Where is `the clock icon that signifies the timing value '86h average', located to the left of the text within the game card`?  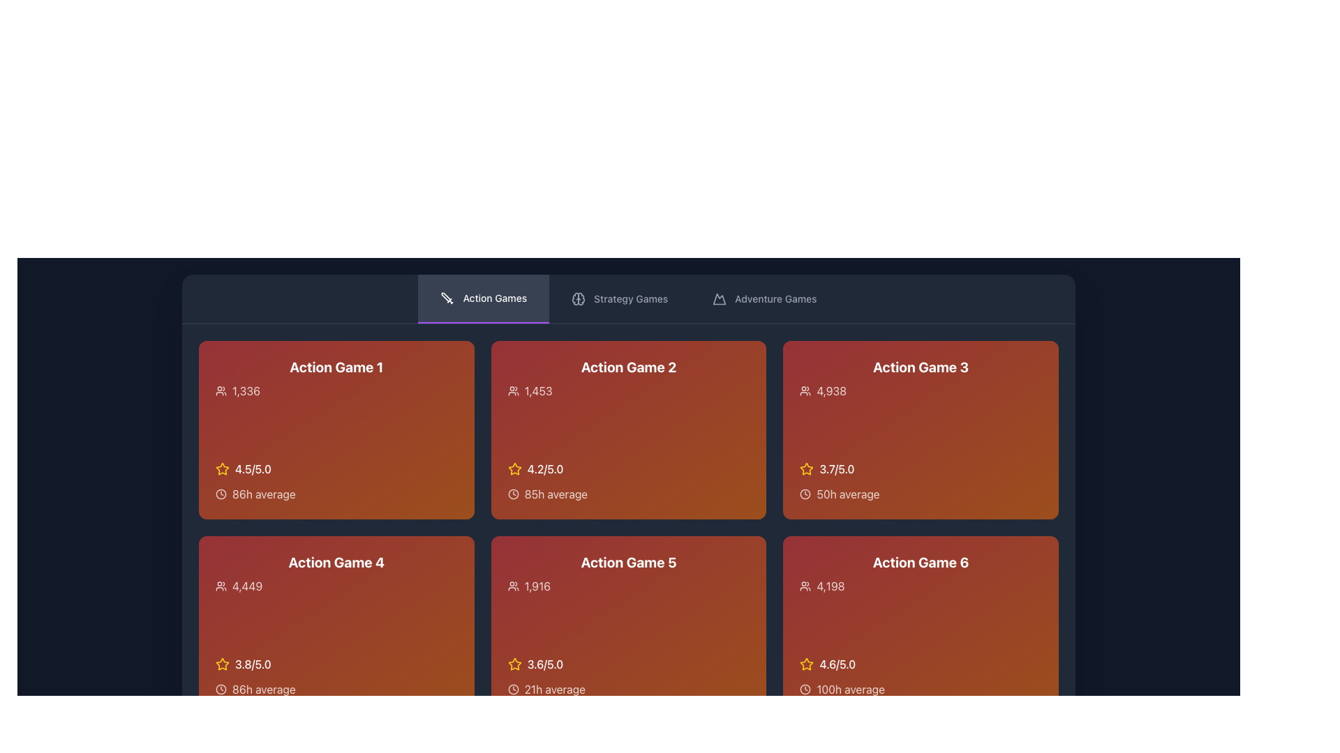
the clock icon that signifies the timing value '86h average', located to the left of the text within the game card is located at coordinates (220, 688).